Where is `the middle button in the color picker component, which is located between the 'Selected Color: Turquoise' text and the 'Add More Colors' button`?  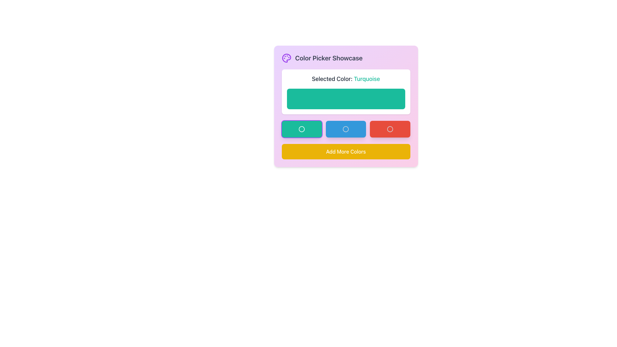
the middle button in the color picker component, which is located between the 'Selected Color: Turquoise' text and the 'Add More Colors' button is located at coordinates (345, 129).